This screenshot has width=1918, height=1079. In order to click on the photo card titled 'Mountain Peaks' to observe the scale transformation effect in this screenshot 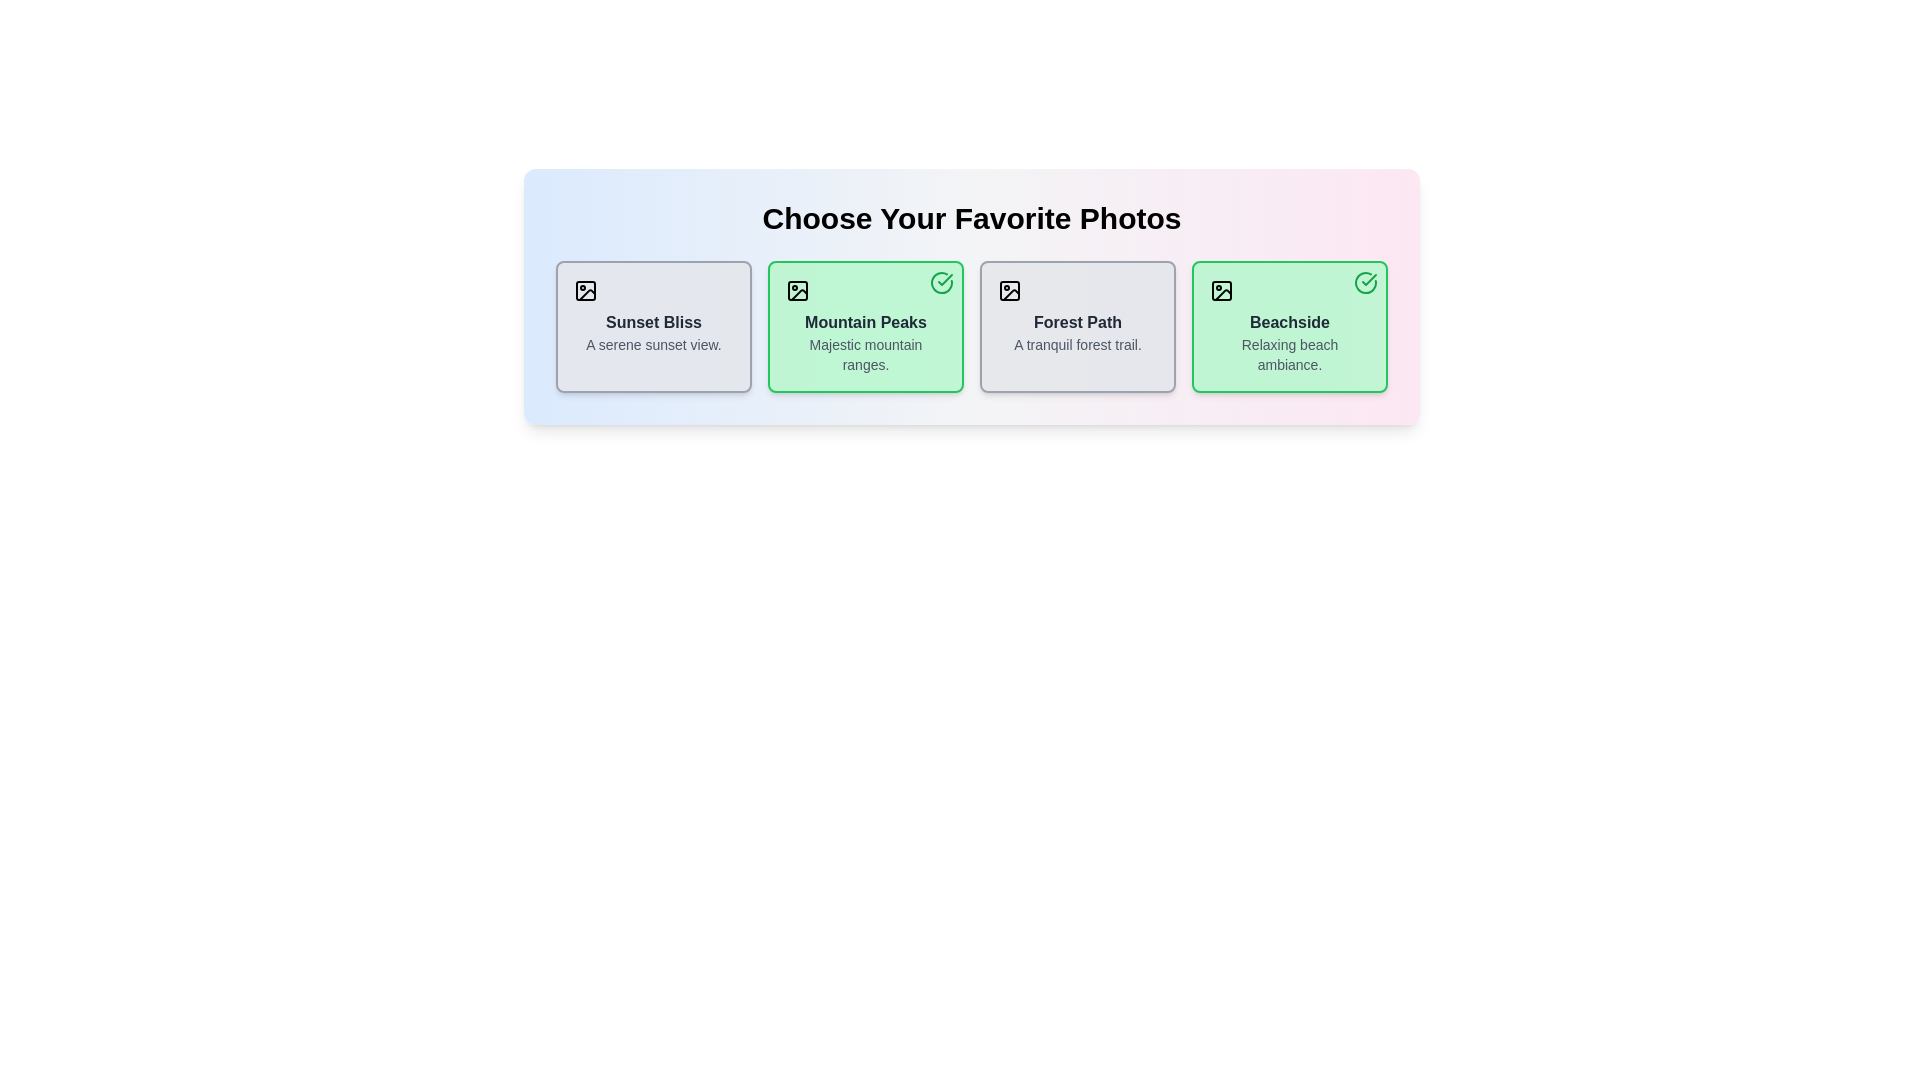, I will do `click(866, 326)`.